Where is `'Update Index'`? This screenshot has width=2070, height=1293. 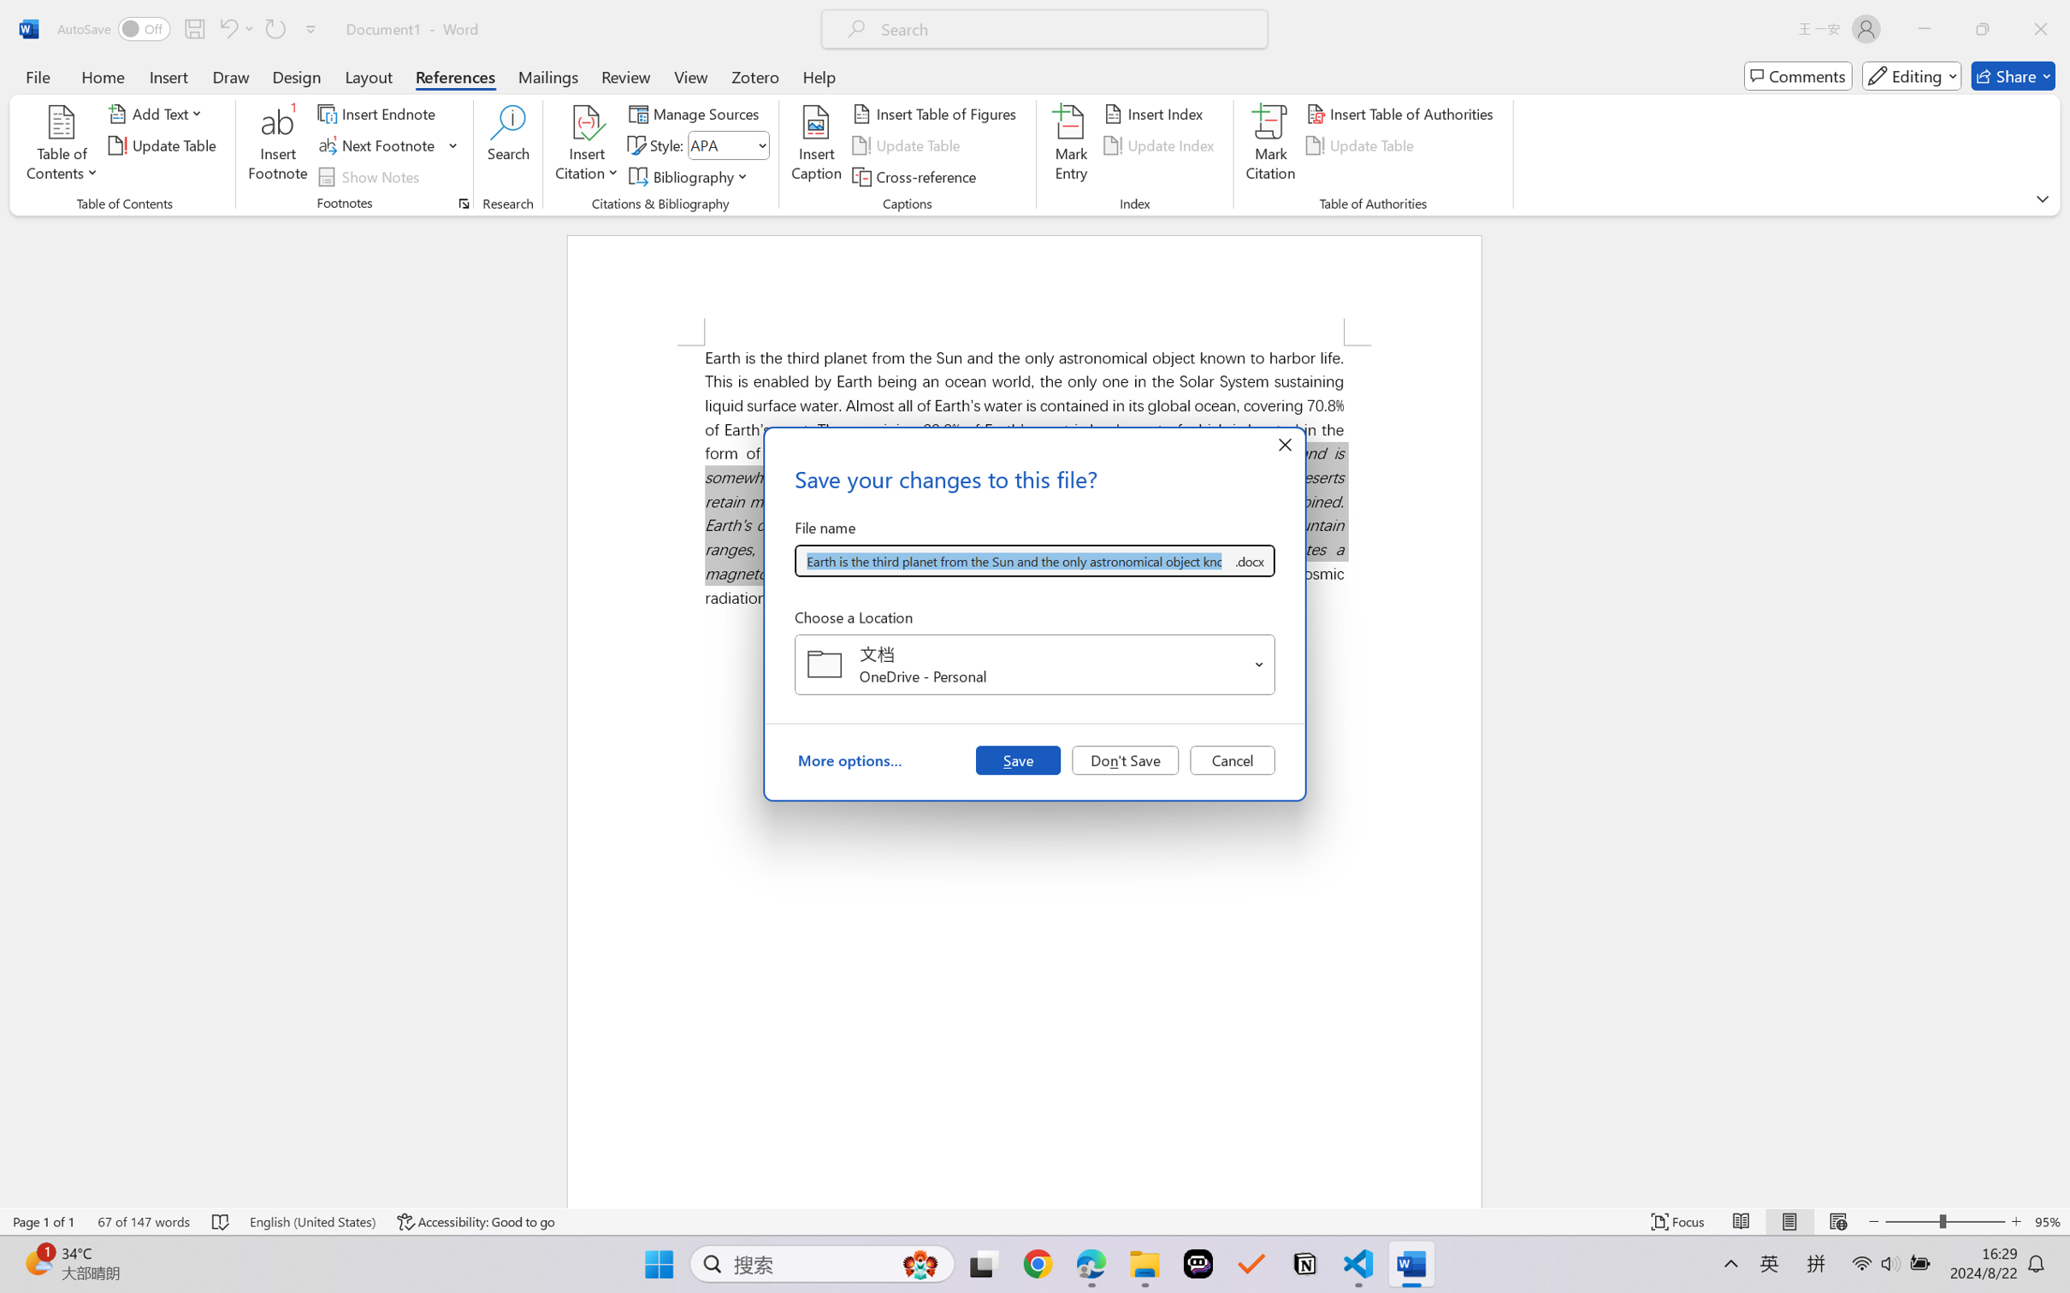
'Update Index' is located at coordinates (1161, 145).